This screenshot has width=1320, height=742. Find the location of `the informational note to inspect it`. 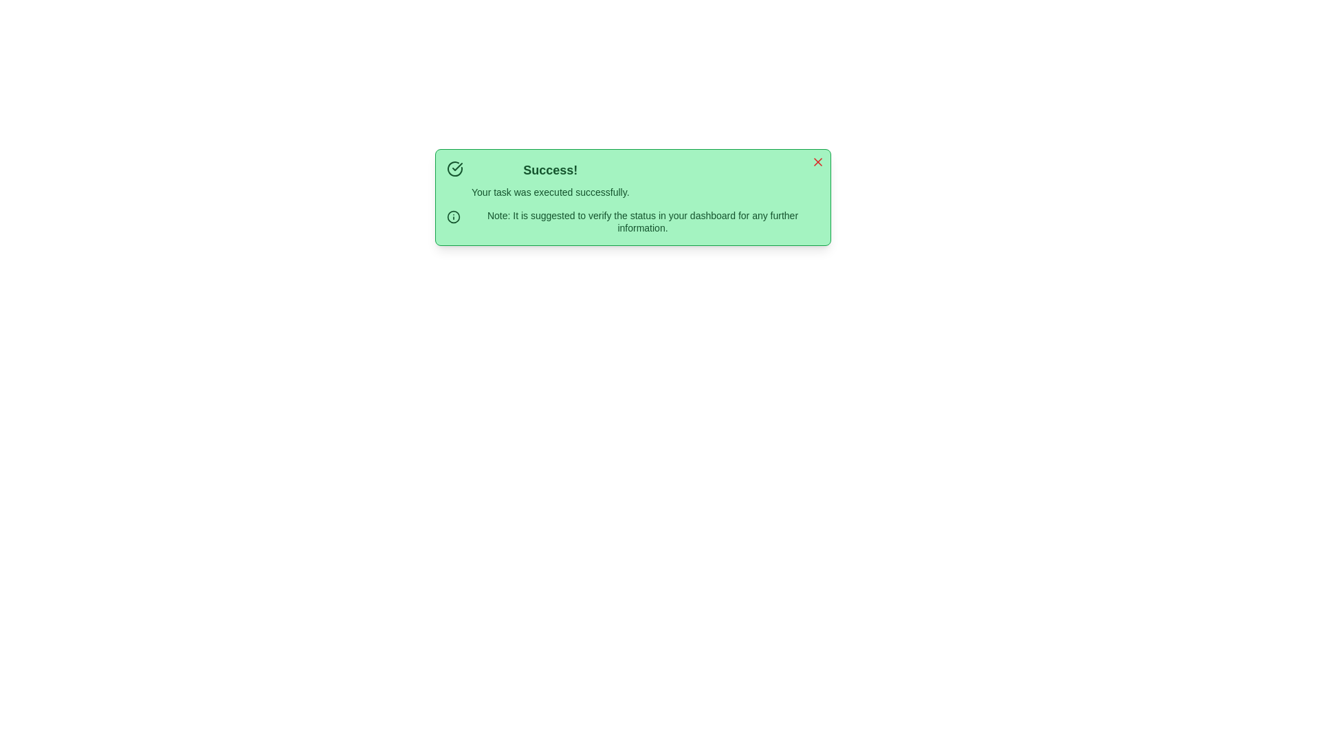

the informational note to inspect it is located at coordinates (632, 221).